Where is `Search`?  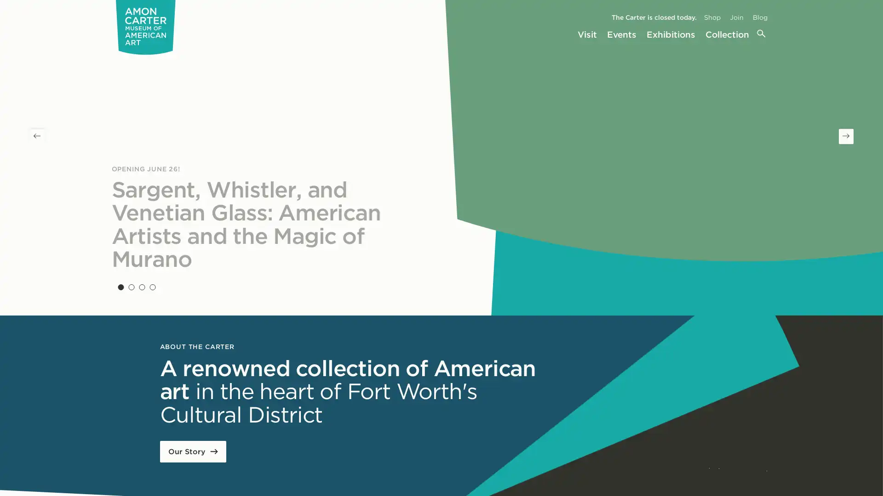
Search is located at coordinates (761, 33).